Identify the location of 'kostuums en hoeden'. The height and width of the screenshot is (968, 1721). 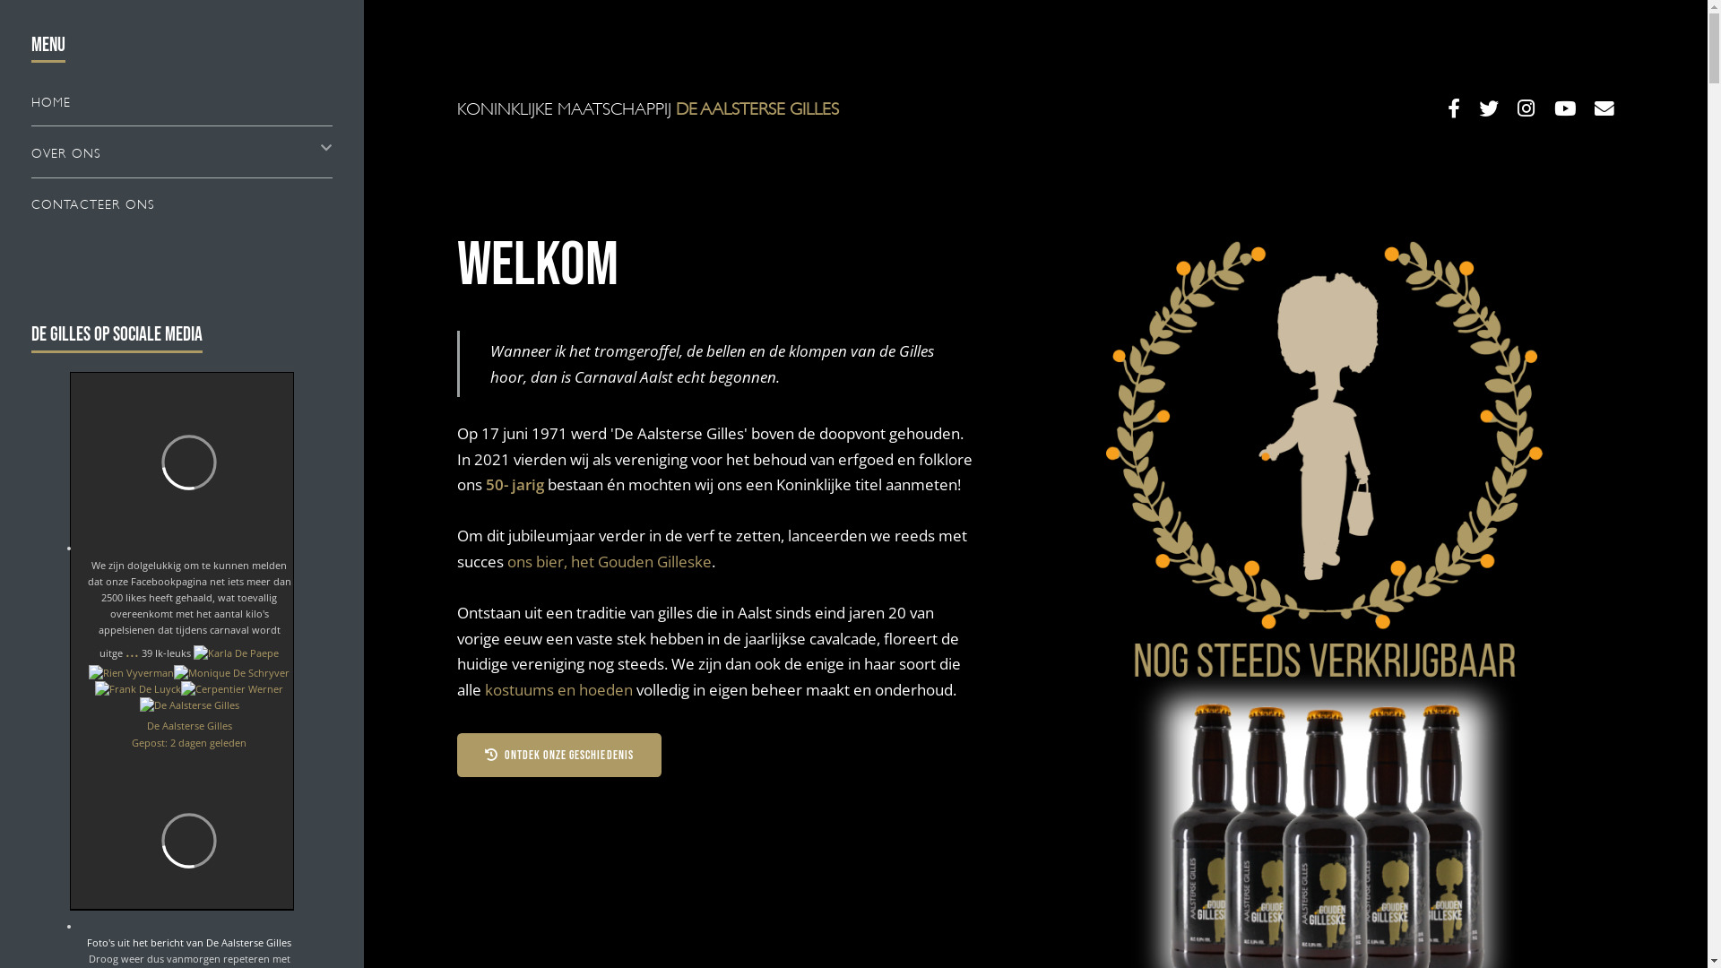
(558, 687).